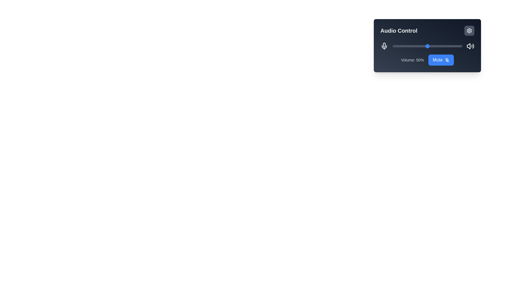 Image resolution: width=532 pixels, height=299 pixels. I want to click on the decorative segment of the microphone icon located in the top-left corner of the 'Audio Control' card, which signifies audio input or mute/unmute action, so click(384, 45).